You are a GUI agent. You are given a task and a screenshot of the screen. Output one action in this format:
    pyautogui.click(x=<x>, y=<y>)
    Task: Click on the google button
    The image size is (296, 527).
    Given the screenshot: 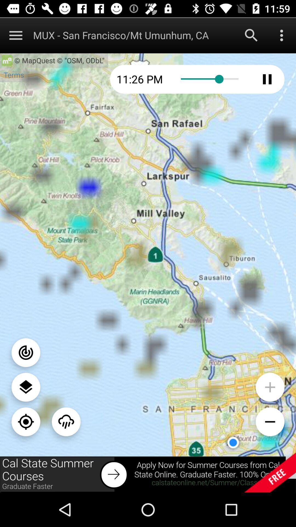 What is the action you would take?
    pyautogui.click(x=251, y=35)
    